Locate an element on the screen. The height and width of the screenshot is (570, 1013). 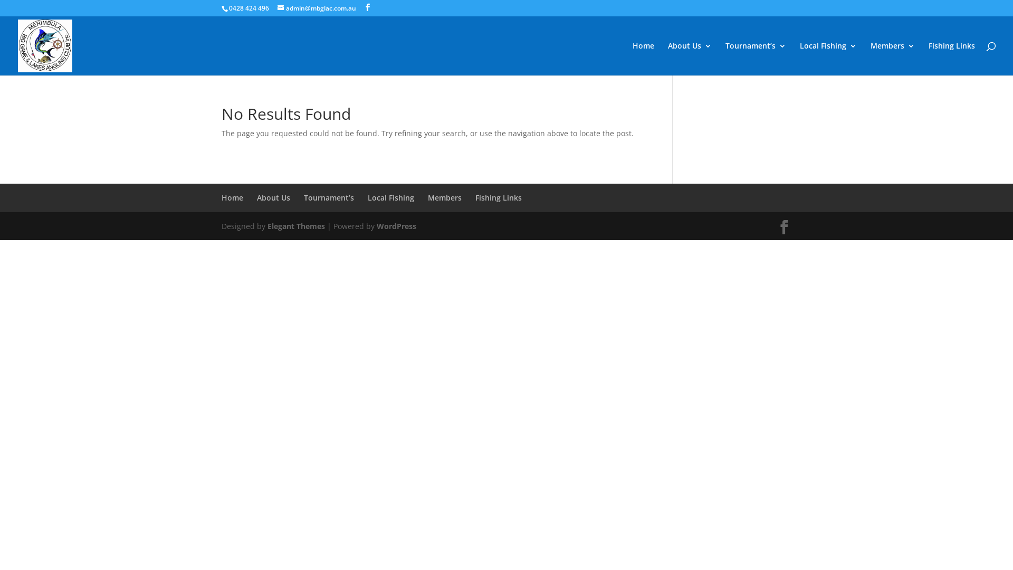
'Members' is located at coordinates (445, 197).